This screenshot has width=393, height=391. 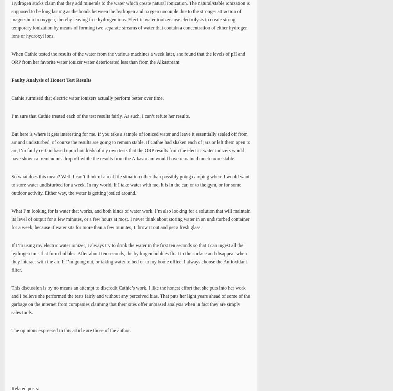 I want to click on 'If I’m using my electric water ionizer, I always try to drink the water in the first ten seconds so that I can ingest all the hydrogen ions that form bubbles.  After about ten seconds, the hydrogen bubbles float to the surface and disappear when they interact with the air.  If I’m going out, or taking water to bed or to my home office, I always choose the Antioxidant filter.', so click(x=11, y=258).